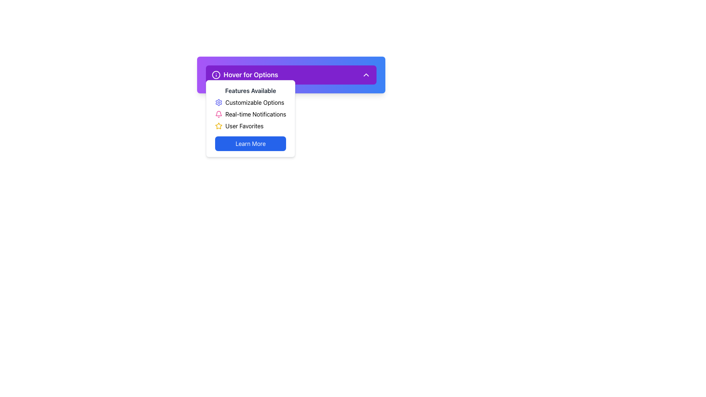 Image resolution: width=706 pixels, height=397 pixels. Describe the element at coordinates (218, 125) in the screenshot. I see `the star icon located in the center-right area of the dropdown menu interface, which symbolizes a rating or favorite feature` at that location.